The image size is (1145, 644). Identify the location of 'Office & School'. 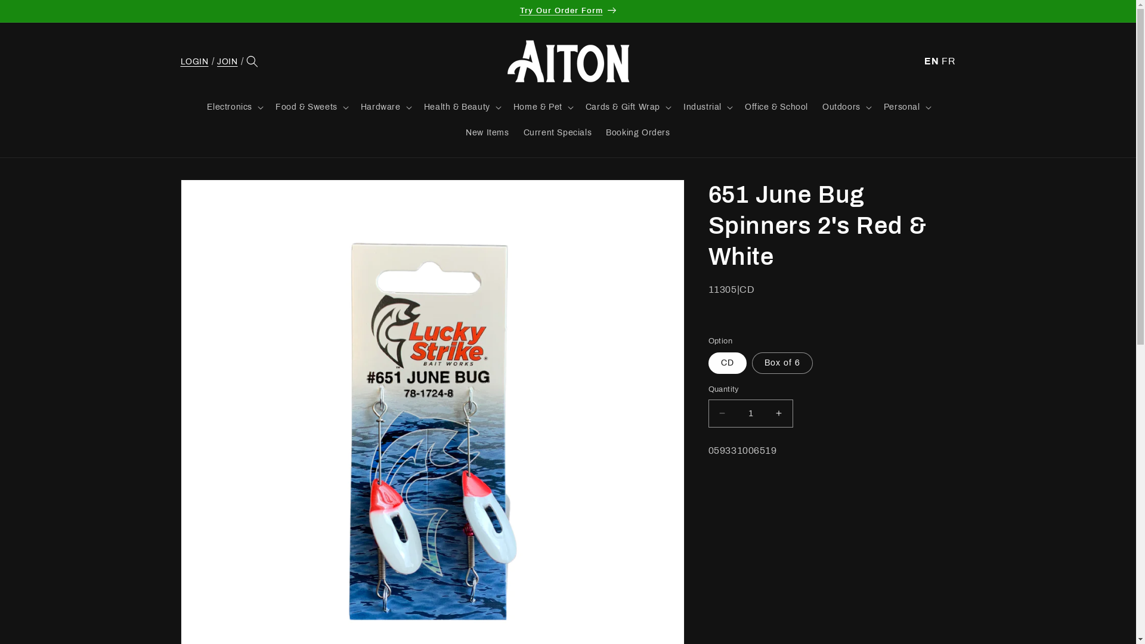
(776, 107).